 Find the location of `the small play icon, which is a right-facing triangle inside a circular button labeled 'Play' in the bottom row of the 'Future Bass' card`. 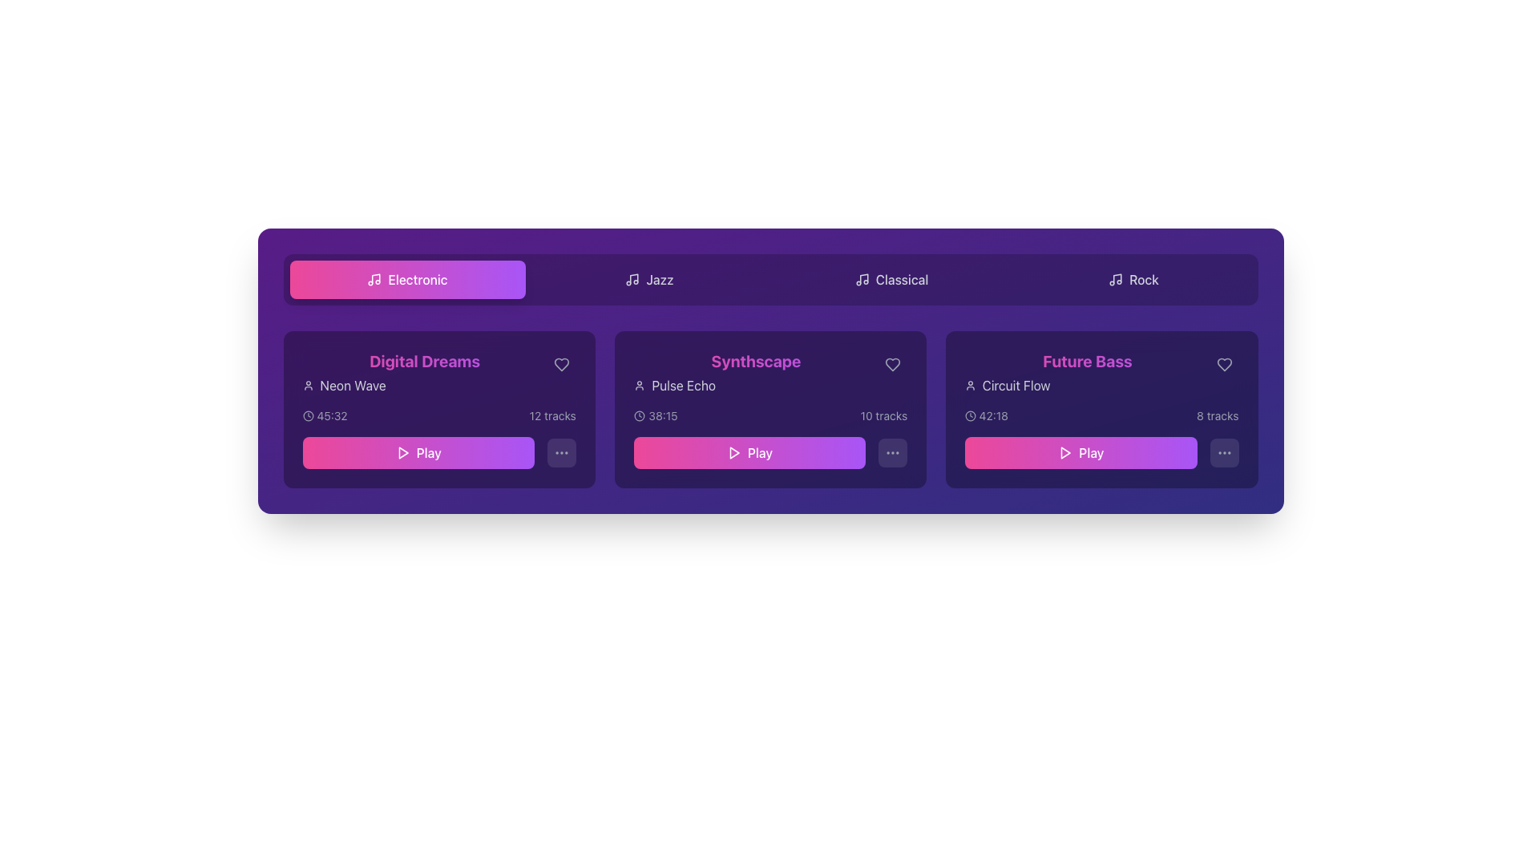

the small play icon, which is a right-facing triangle inside a circular button labeled 'Play' in the bottom row of the 'Future Bass' card is located at coordinates (1065, 452).